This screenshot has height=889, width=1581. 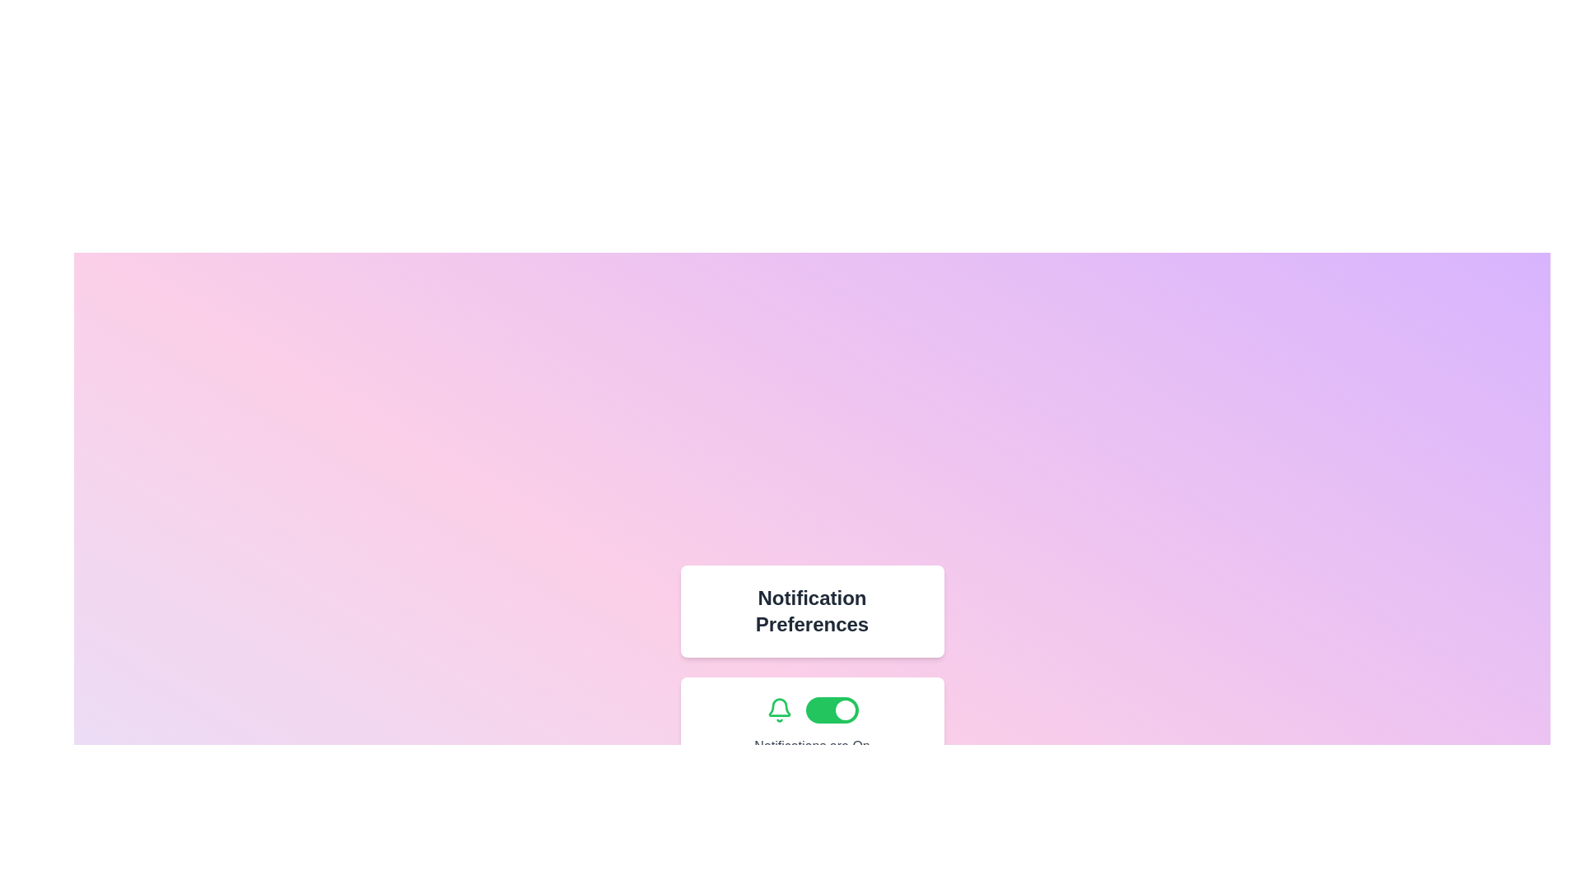 What do you see at coordinates (778, 710) in the screenshot?
I see `the bell notification icon located on the left side of a group of three items, indicating the presence of a notification feature` at bounding box center [778, 710].